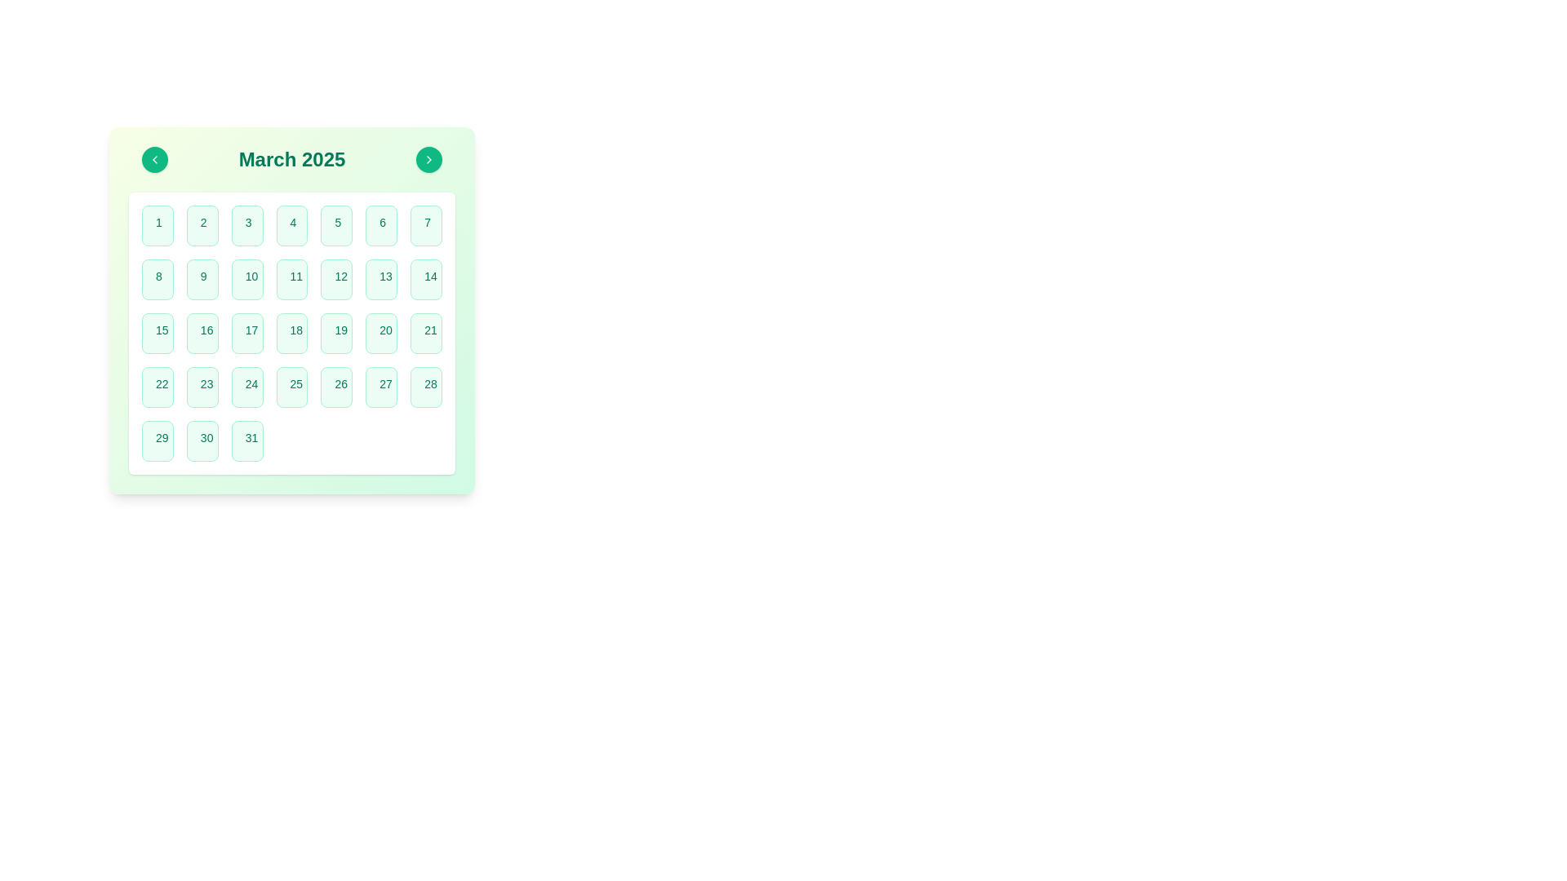 The height and width of the screenshot is (881, 1567). I want to click on the numerical text '1' in the top-left cell of the March 2025 calendar grid, so click(158, 223).